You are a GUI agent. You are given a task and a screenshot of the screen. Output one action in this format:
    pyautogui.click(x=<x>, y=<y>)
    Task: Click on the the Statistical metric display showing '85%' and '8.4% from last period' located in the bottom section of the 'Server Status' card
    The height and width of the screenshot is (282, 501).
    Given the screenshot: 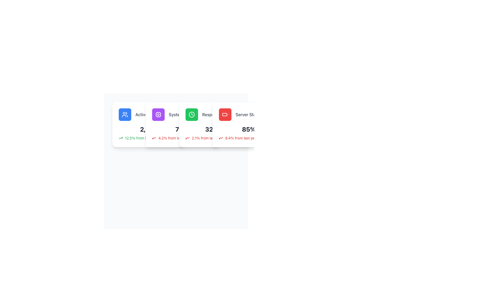 What is the action you would take?
    pyautogui.click(x=249, y=133)
    